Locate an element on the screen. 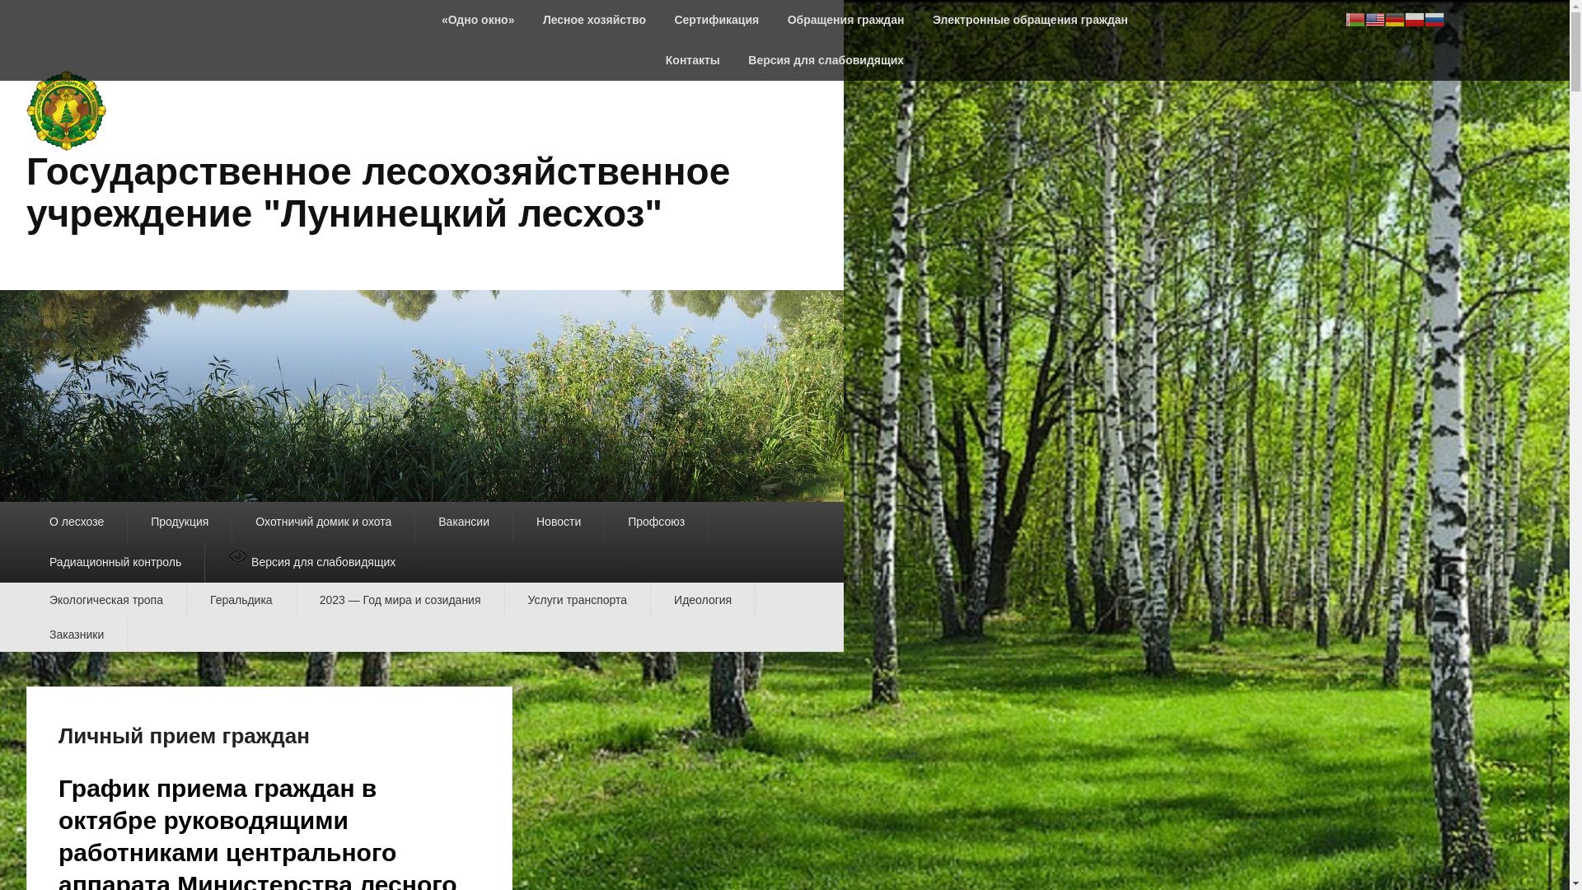 Image resolution: width=1582 pixels, height=890 pixels. 'Belarusian' is located at coordinates (1355, 18).